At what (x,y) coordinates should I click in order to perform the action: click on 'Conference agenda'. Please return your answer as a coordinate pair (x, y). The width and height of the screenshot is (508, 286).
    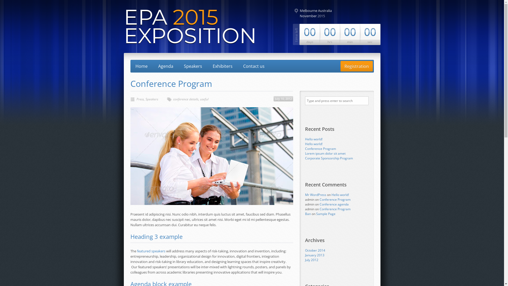
    Looking at the image, I should click on (334, 204).